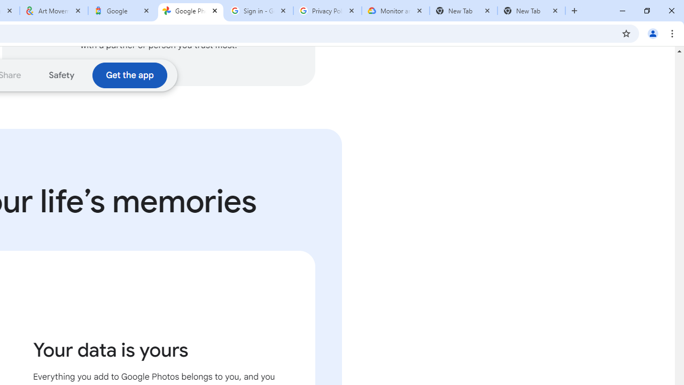  I want to click on 'Google', so click(122, 11).